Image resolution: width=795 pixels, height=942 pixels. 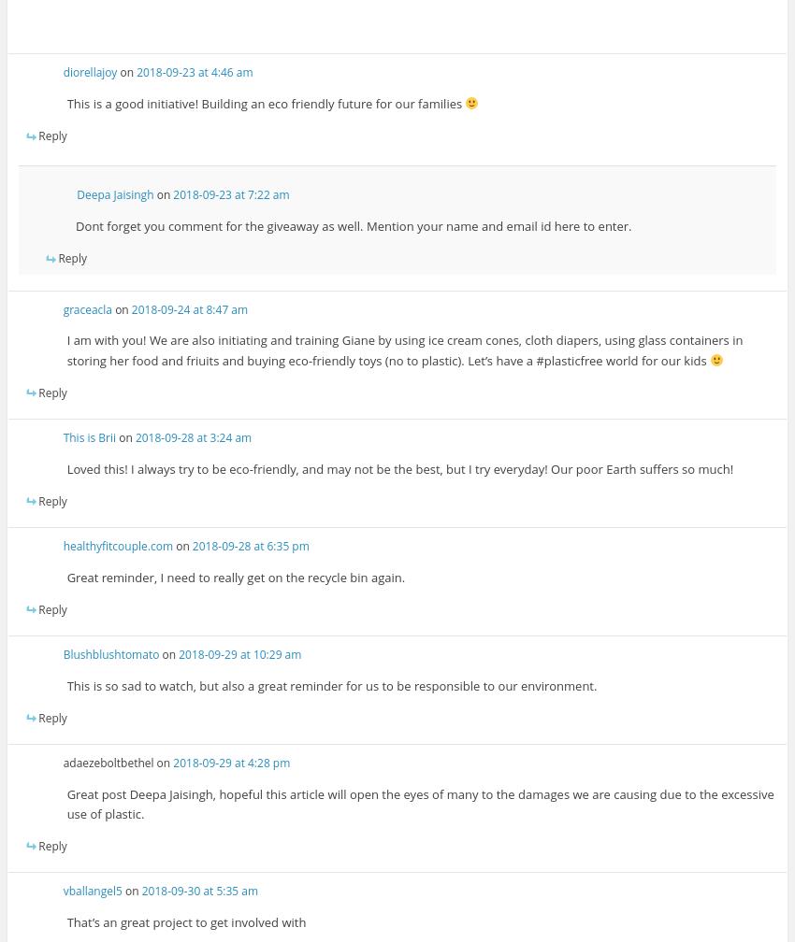 What do you see at coordinates (88, 437) in the screenshot?
I see `'This is Brii'` at bounding box center [88, 437].